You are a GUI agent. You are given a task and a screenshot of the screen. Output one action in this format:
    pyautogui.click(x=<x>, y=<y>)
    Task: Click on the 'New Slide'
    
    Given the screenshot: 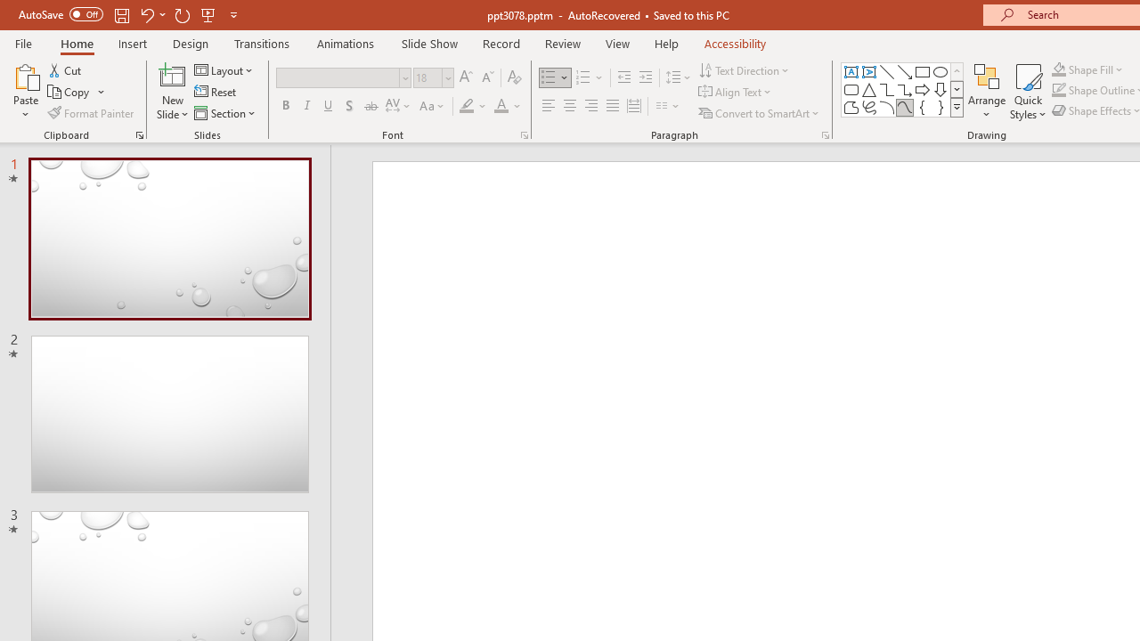 What is the action you would take?
    pyautogui.click(x=172, y=92)
    